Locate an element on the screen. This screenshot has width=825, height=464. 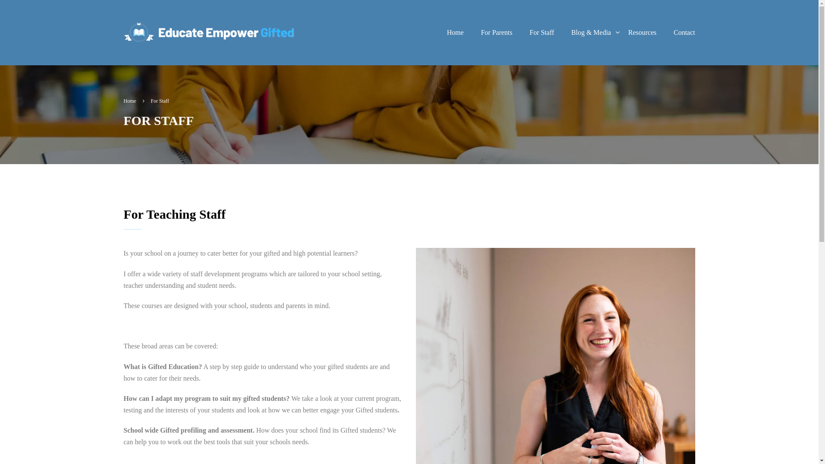
'For Staff' is located at coordinates (520, 32).